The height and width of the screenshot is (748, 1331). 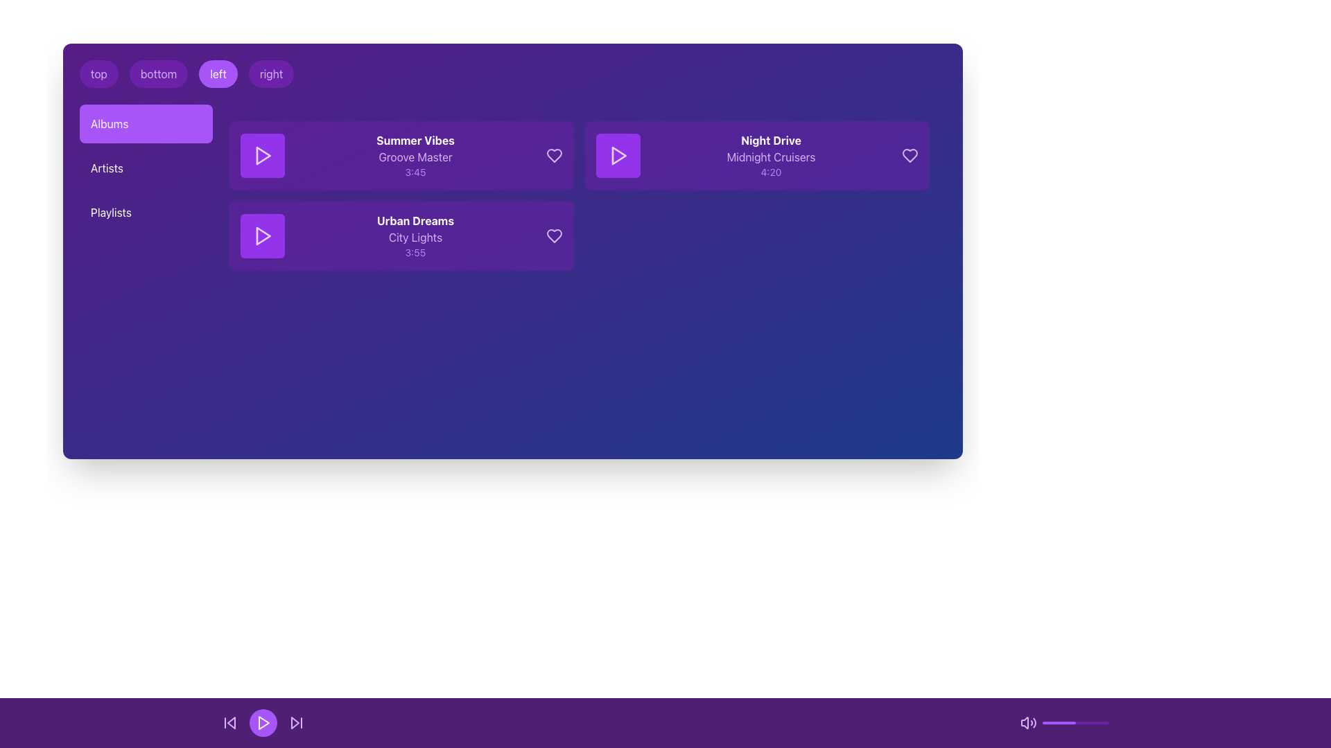 What do you see at coordinates (555, 155) in the screenshot?
I see `the heart-shaped button icon located to the right of the 'Summer Vibes' song listing, next to 'Groove Master' and the duration '3:45'` at bounding box center [555, 155].